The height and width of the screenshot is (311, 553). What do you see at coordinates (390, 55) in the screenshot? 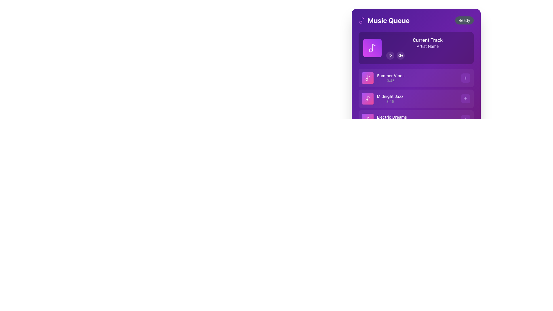
I see `the leftmost circular control button in the 'Music Queue' card to initiate playback of the currently selected track` at bounding box center [390, 55].